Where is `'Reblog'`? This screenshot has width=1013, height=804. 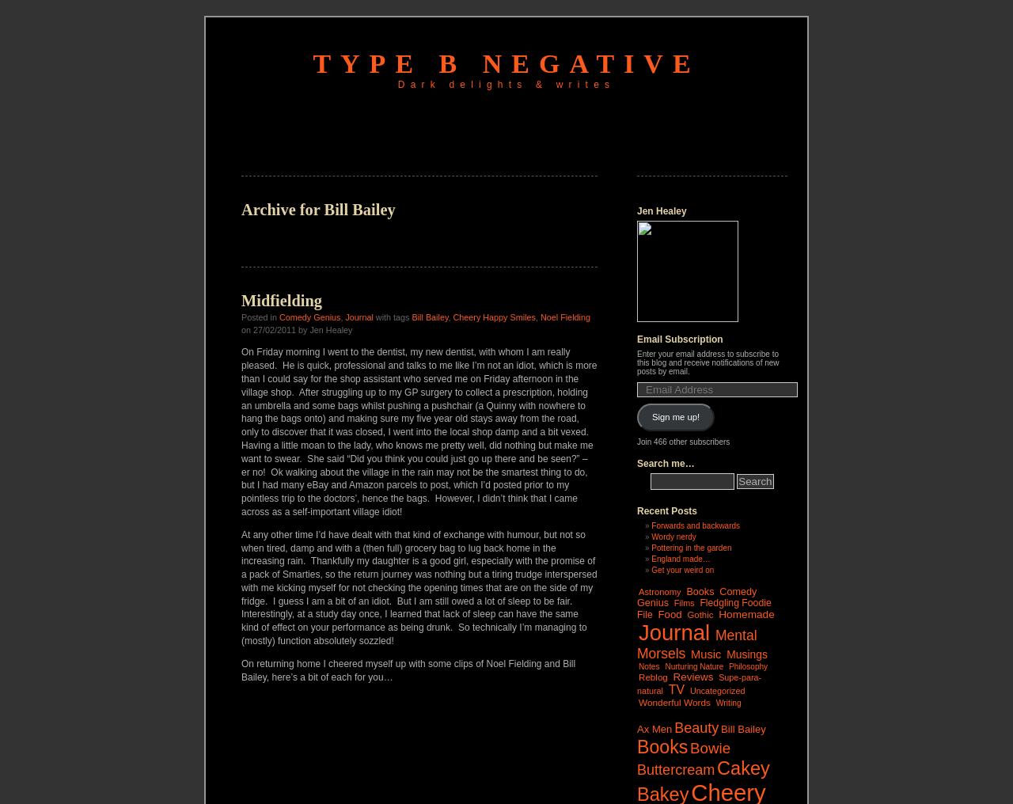 'Reblog' is located at coordinates (639, 676).